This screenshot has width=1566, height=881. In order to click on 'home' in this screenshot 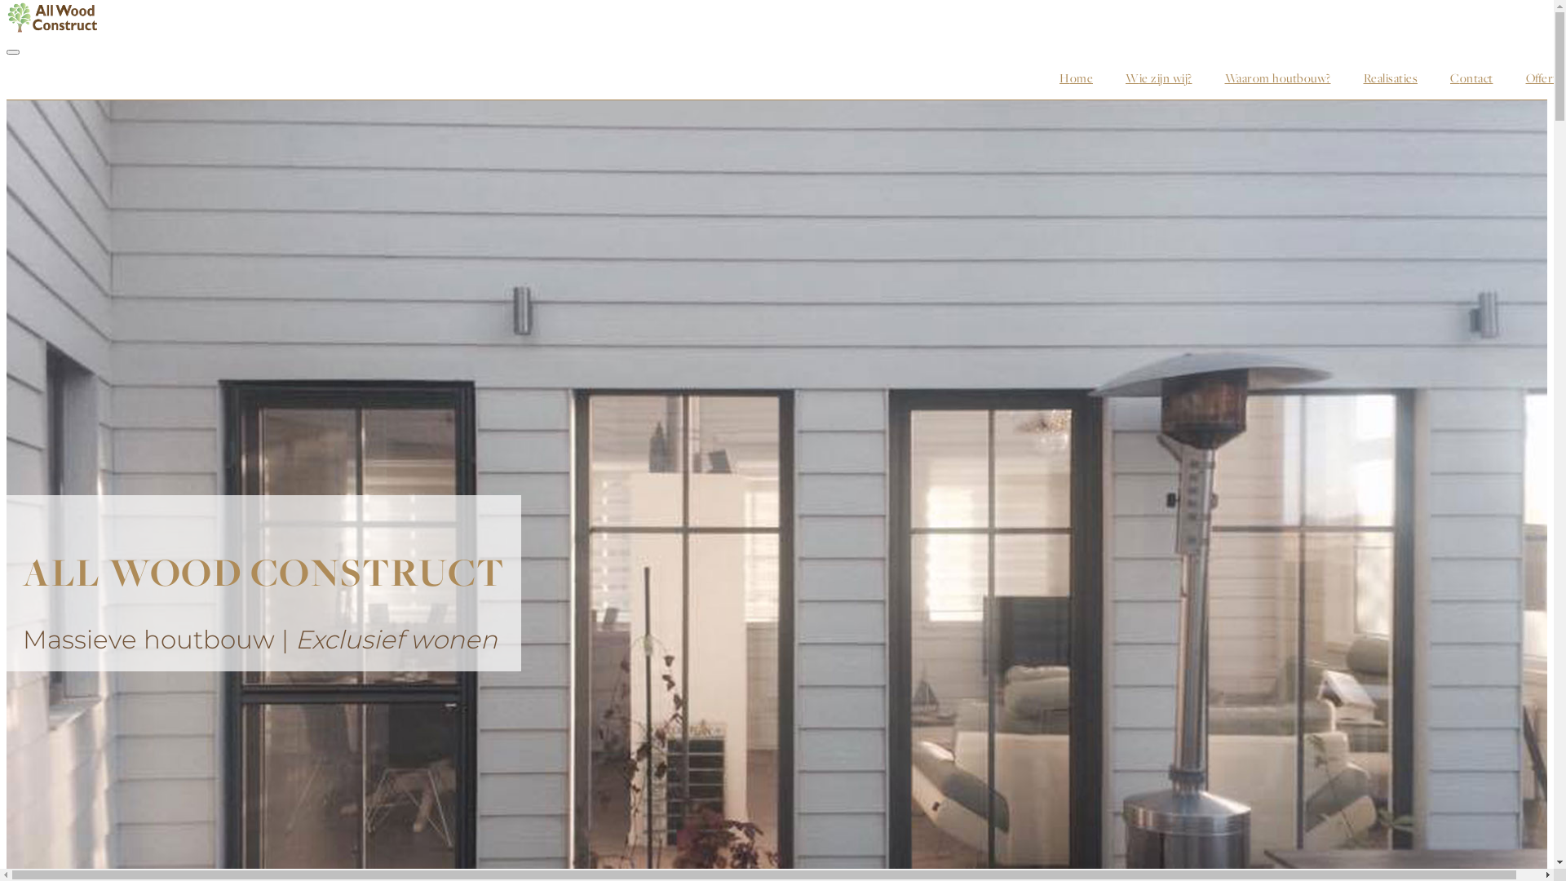, I will do `click(1042, 77)`.